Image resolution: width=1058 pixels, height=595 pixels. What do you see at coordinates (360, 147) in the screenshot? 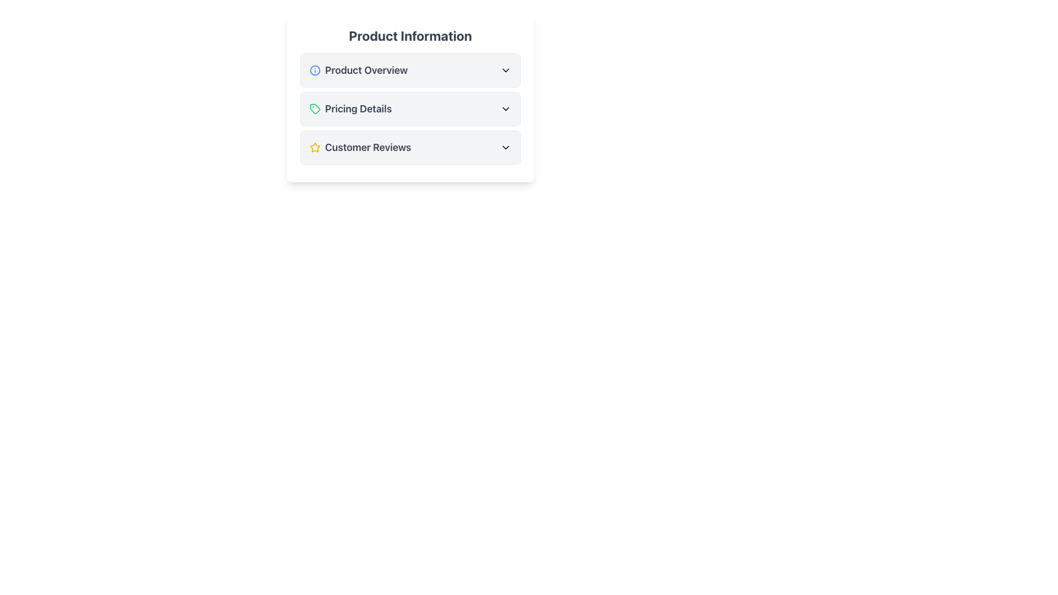
I see `the 'Customer Reviews' label with a yellow star icon for accessibility navigation` at bounding box center [360, 147].